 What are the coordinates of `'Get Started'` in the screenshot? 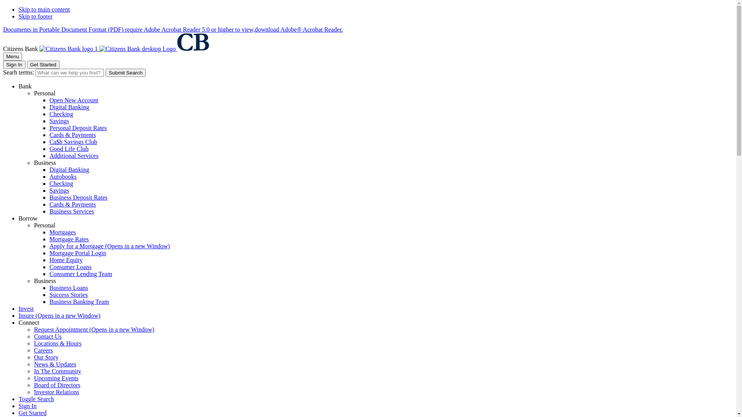 It's located at (32, 412).